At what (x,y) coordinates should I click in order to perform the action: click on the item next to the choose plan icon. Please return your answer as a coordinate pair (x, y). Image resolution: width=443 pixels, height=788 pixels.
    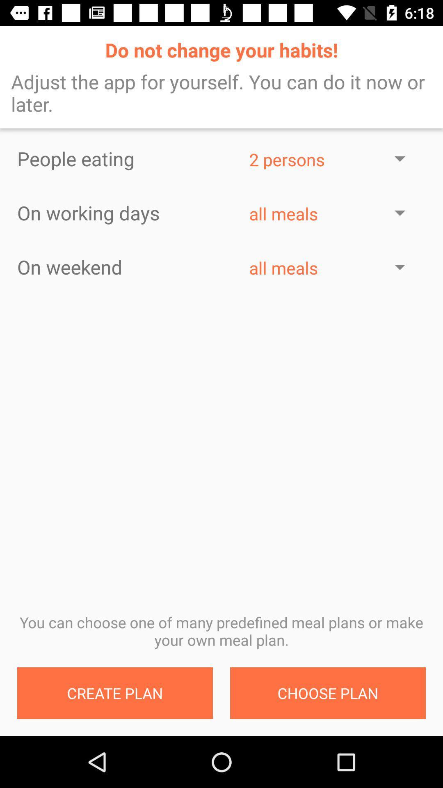
    Looking at the image, I should click on (115, 693).